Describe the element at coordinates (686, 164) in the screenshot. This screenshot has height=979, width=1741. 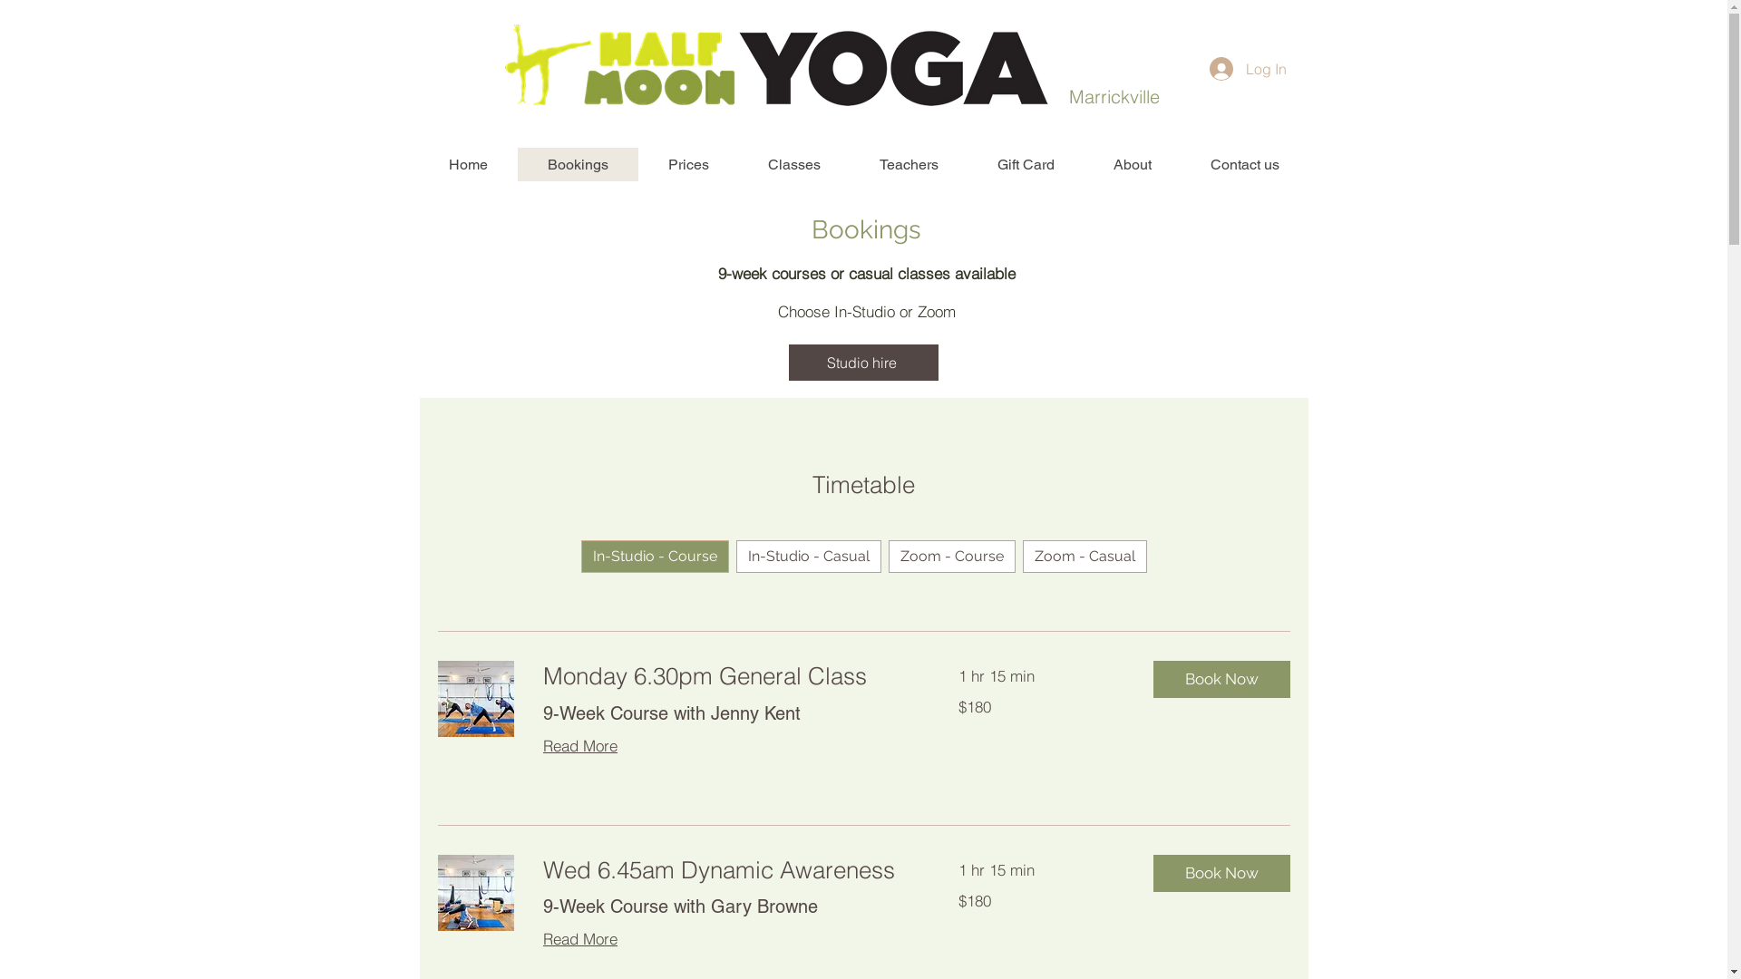
I see `'Prices'` at that location.